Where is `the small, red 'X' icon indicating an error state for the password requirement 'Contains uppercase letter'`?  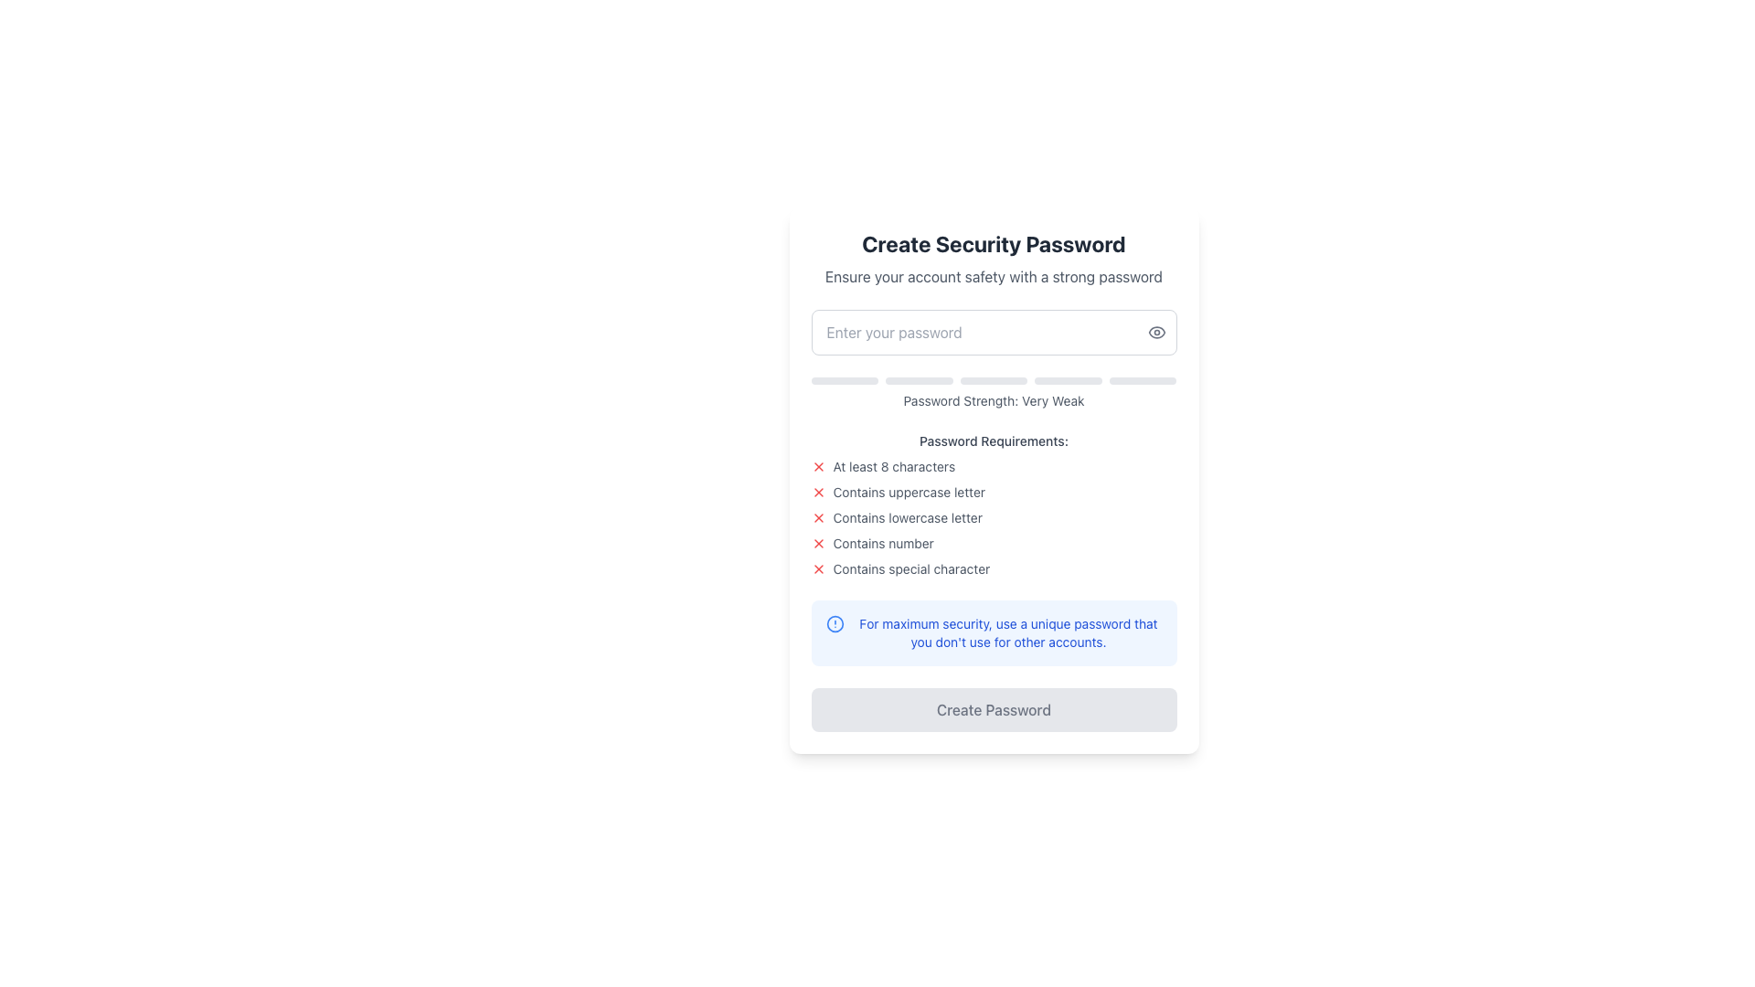
the small, red 'X' icon indicating an error state for the password requirement 'Contains uppercase letter' is located at coordinates (817, 492).